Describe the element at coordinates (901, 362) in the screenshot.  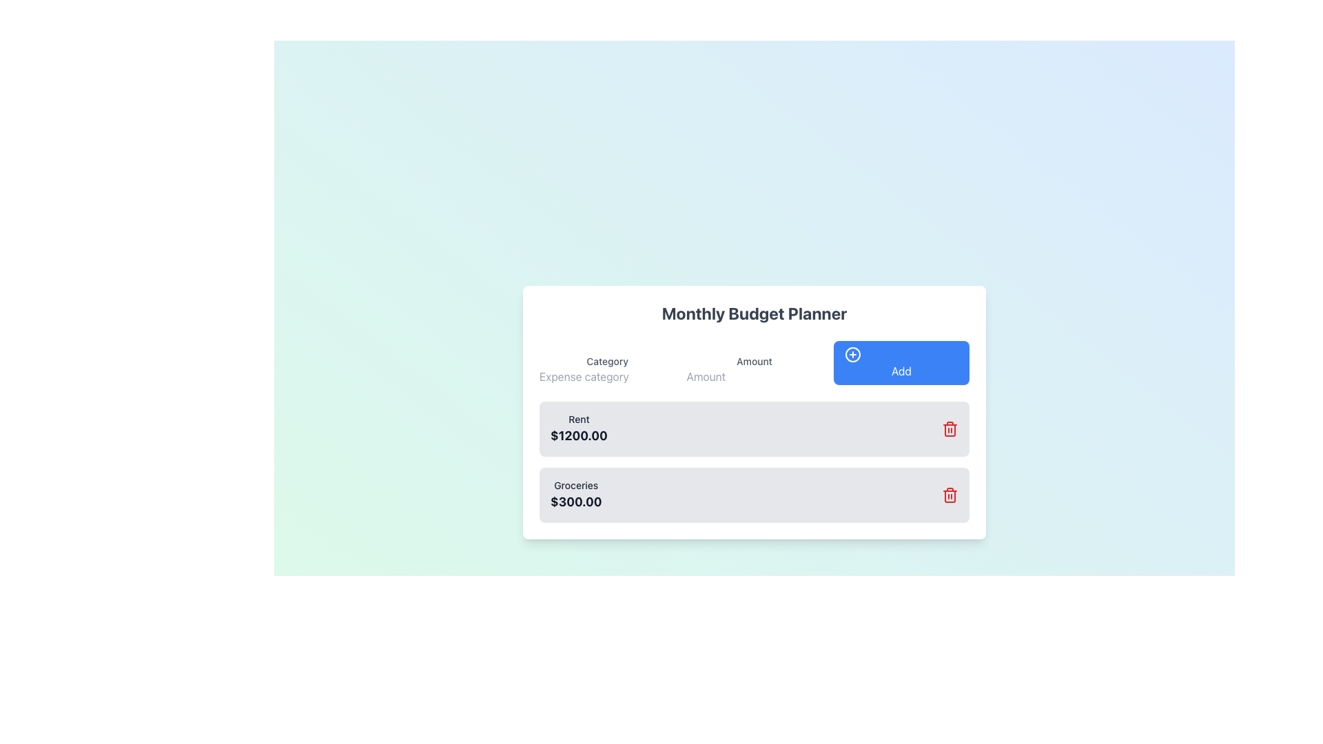
I see `the 'Add' button, which has a blue background, white text, and a '+' icon, located in the rightmost column below the 'Amount' field in the 'Monthly Budget Planner.'` at that location.